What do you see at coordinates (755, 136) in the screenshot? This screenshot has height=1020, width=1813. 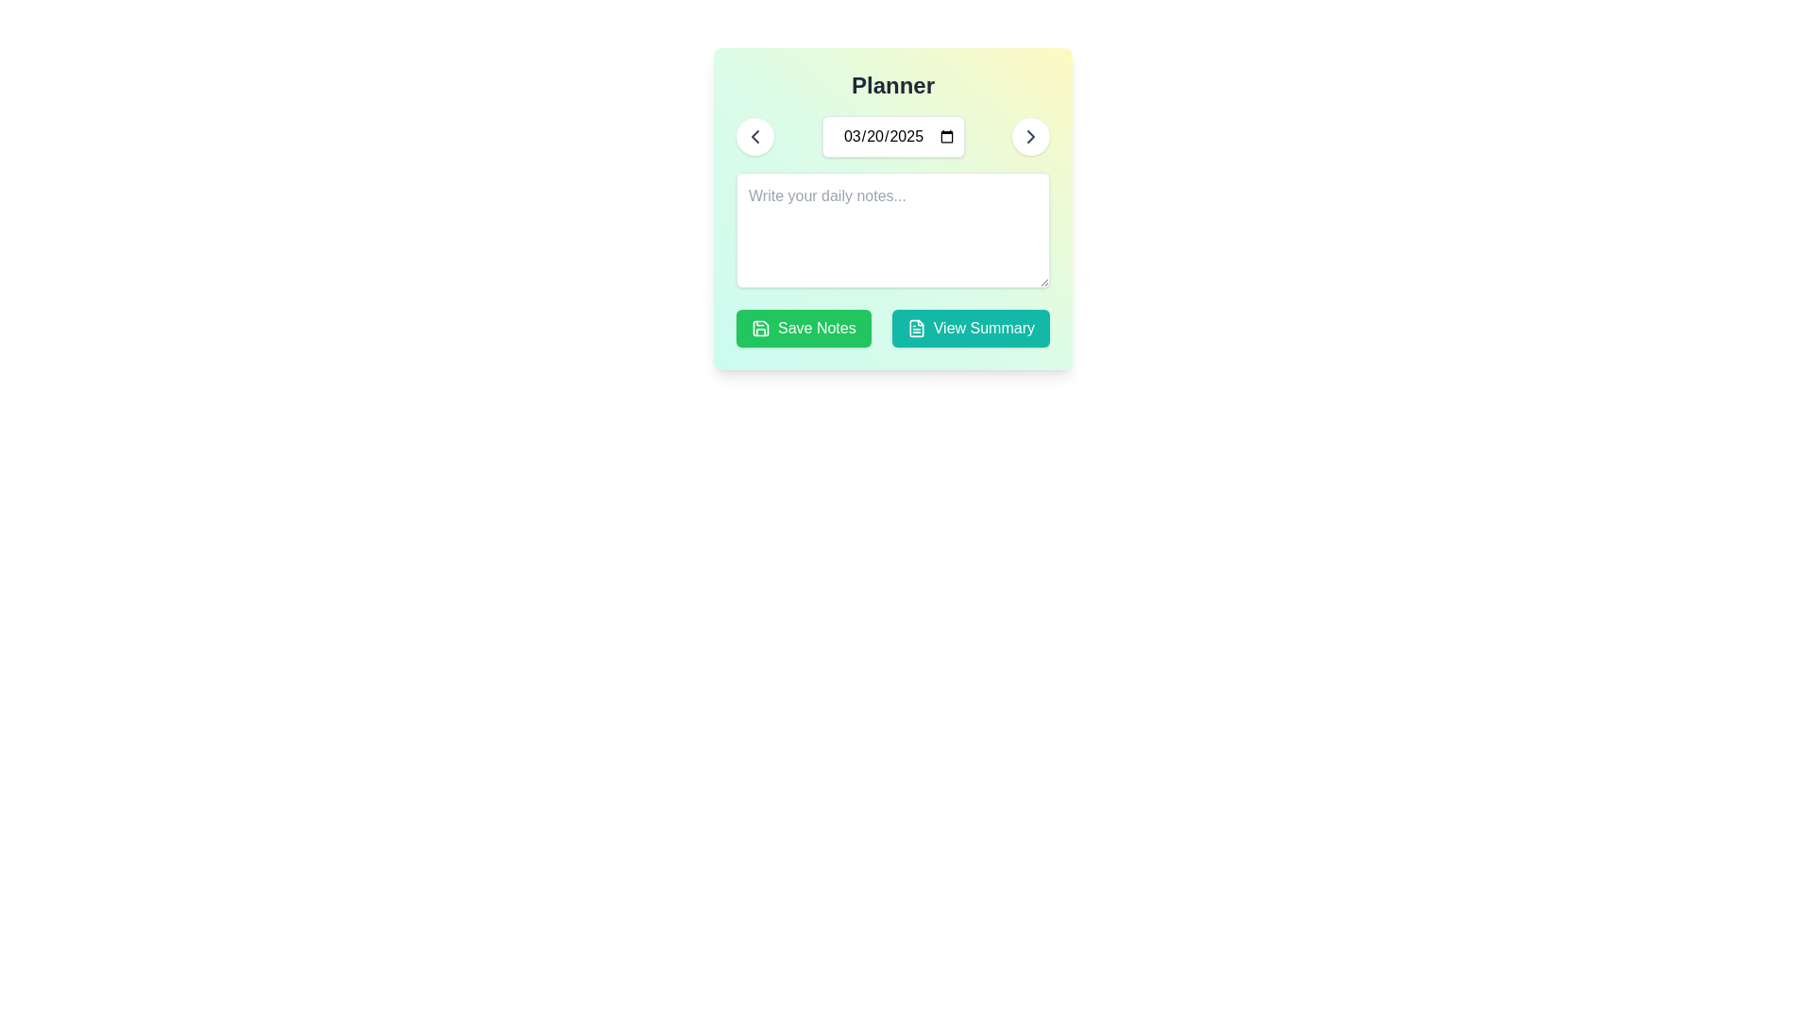 I see `the SVG Icon within the circular button located on the left side of the header section of the planner interface` at bounding box center [755, 136].